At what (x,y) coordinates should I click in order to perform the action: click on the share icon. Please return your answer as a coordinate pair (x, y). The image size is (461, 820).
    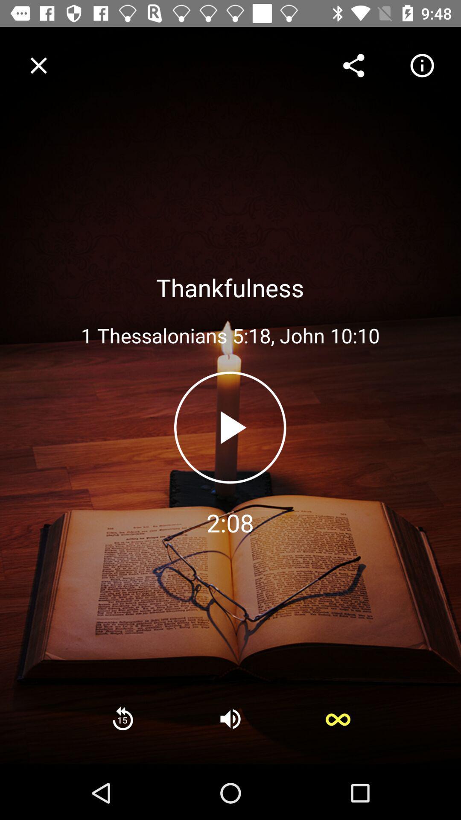
    Looking at the image, I should click on (353, 65).